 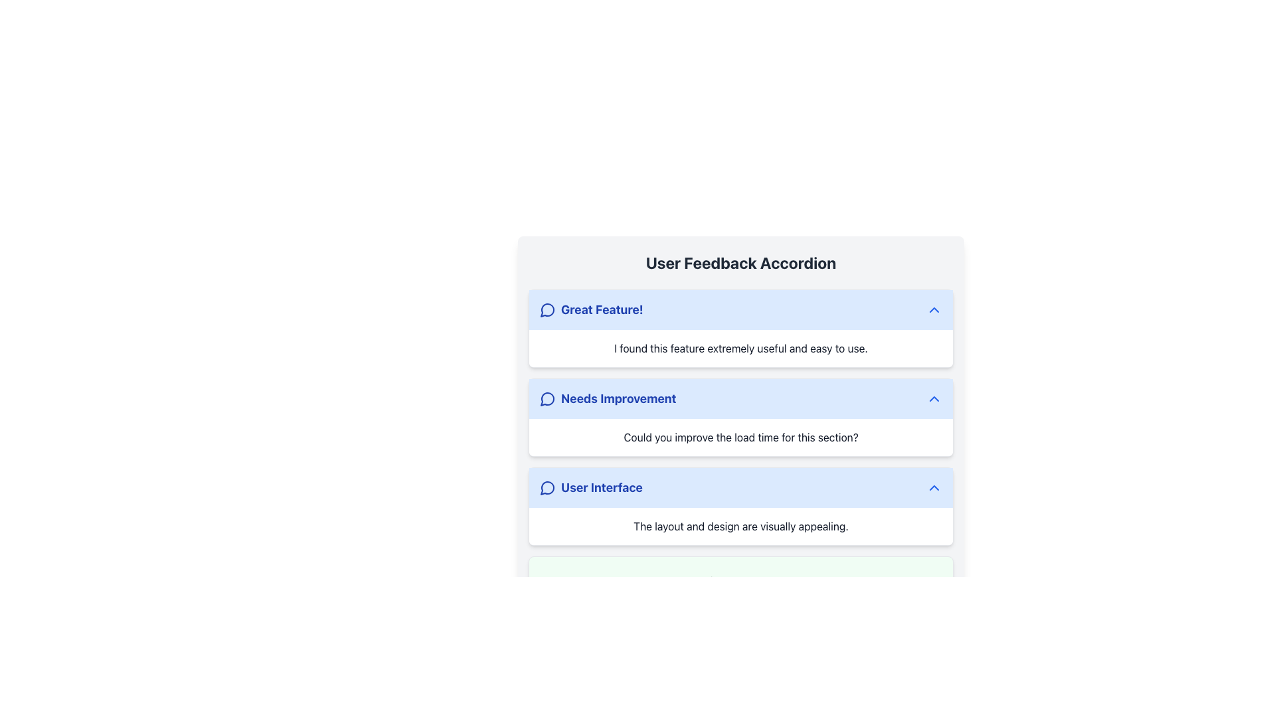 I want to click on the graphical icon resembling a speech bubble located in the header section labeled 'Great Feature!' in the User Feedback Accordion, so click(x=548, y=309).